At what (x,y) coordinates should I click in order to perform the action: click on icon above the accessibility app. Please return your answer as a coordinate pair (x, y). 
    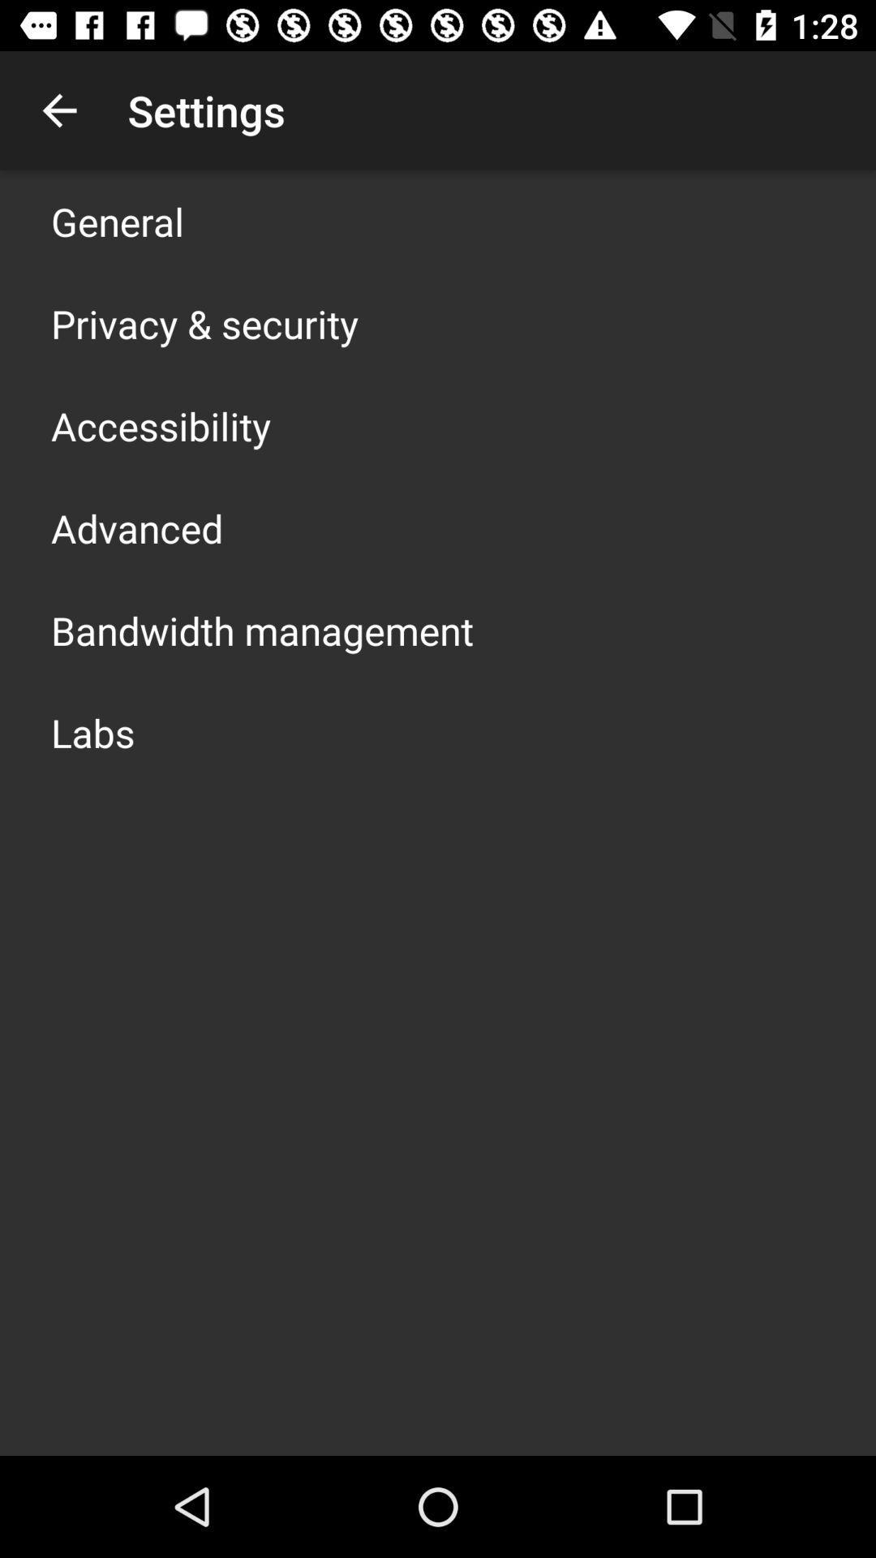
    Looking at the image, I should click on (204, 323).